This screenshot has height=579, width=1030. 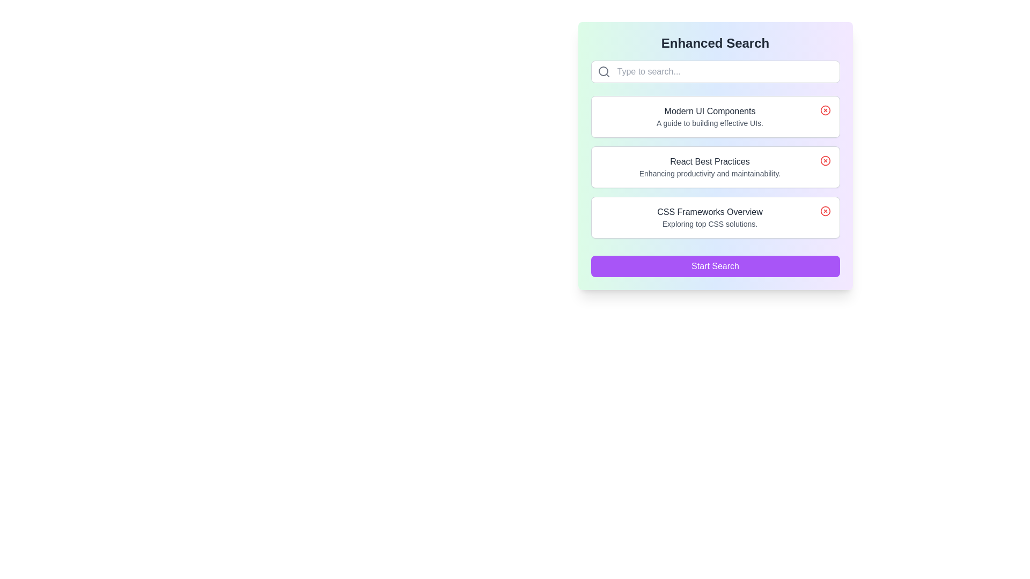 I want to click on the first list item titled 'Modern UI Components', so click(x=710, y=117).